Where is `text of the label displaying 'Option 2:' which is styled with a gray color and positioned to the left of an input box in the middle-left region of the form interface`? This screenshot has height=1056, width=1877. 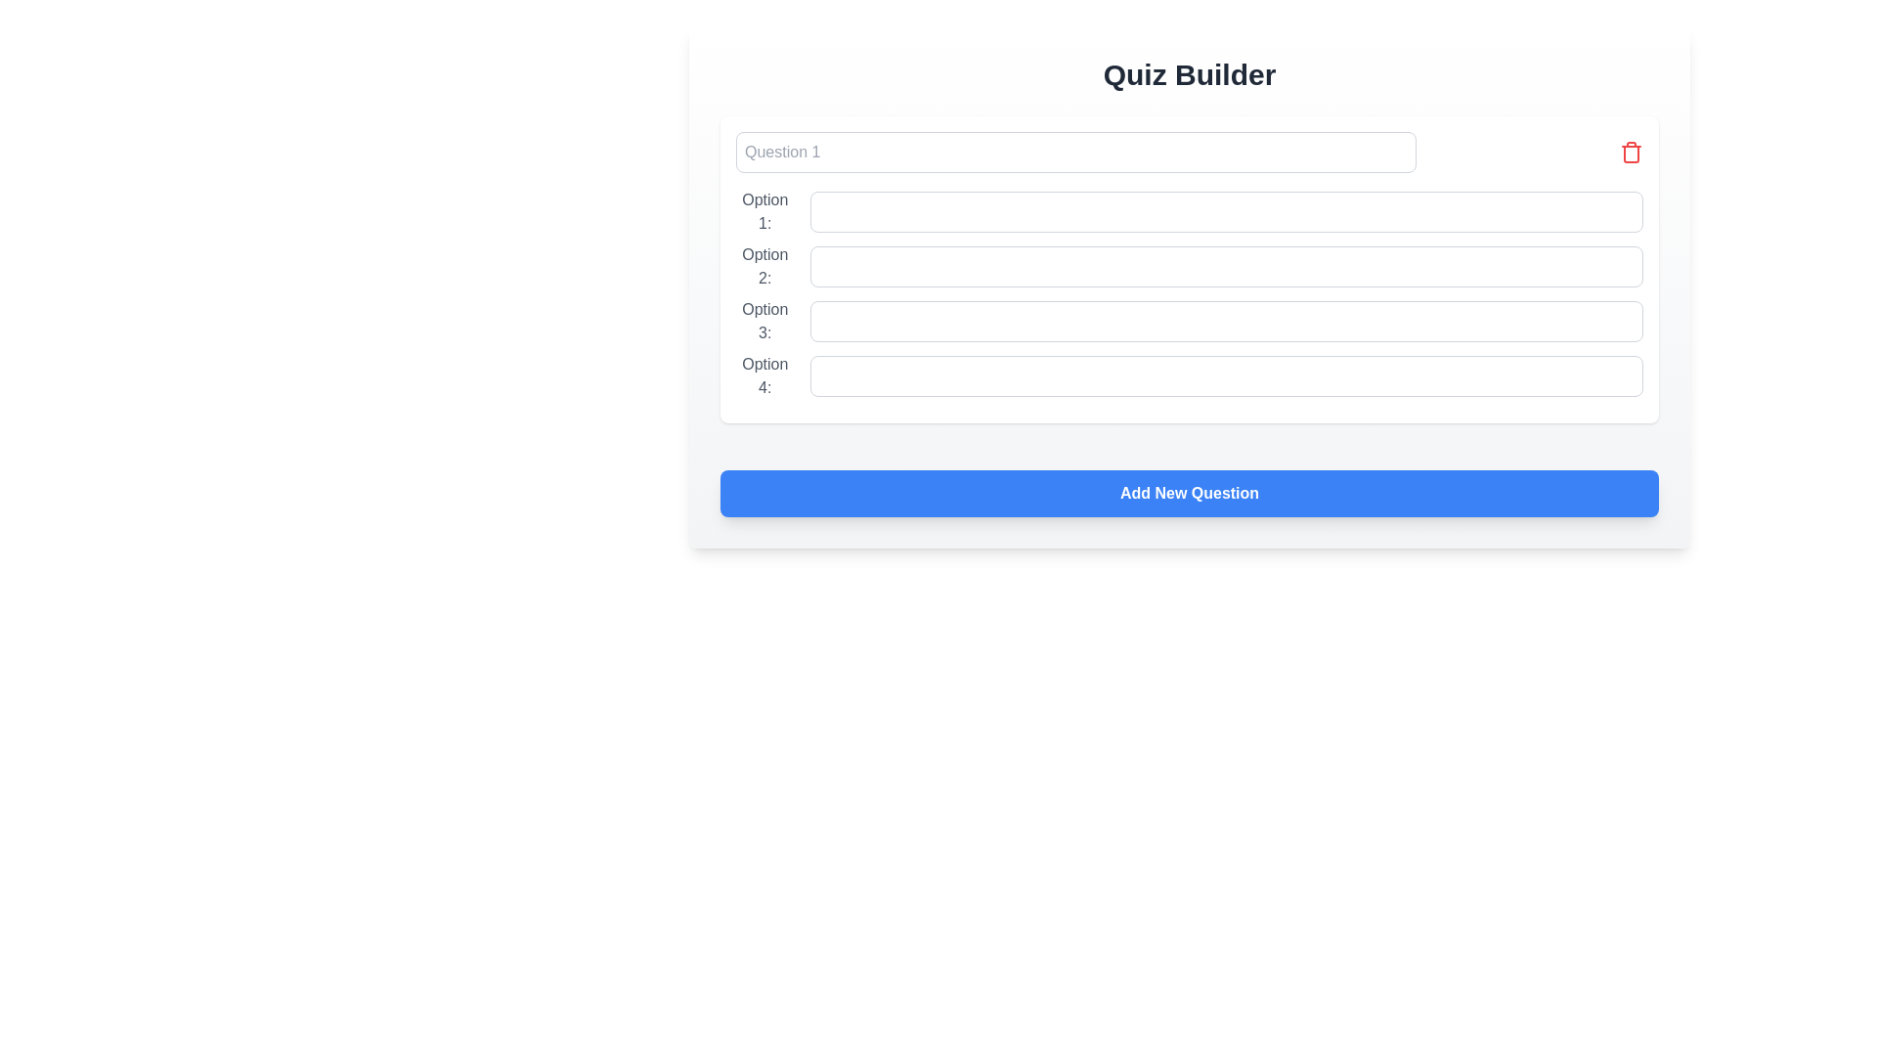
text of the label displaying 'Option 2:' which is styled with a gray color and positioned to the left of an input box in the middle-left region of the form interface is located at coordinates (764, 267).